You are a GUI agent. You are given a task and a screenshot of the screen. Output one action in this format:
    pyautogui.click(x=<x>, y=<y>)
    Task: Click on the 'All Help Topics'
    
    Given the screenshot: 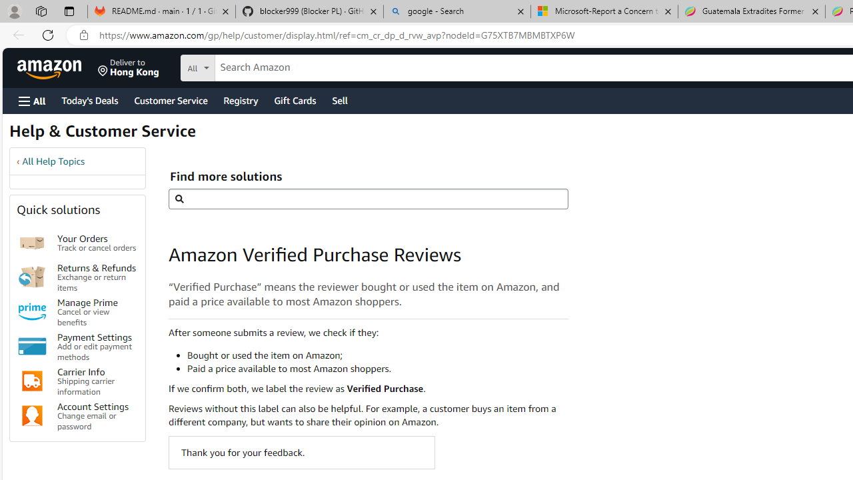 What is the action you would take?
    pyautogui.click(x=53, y=161)
    